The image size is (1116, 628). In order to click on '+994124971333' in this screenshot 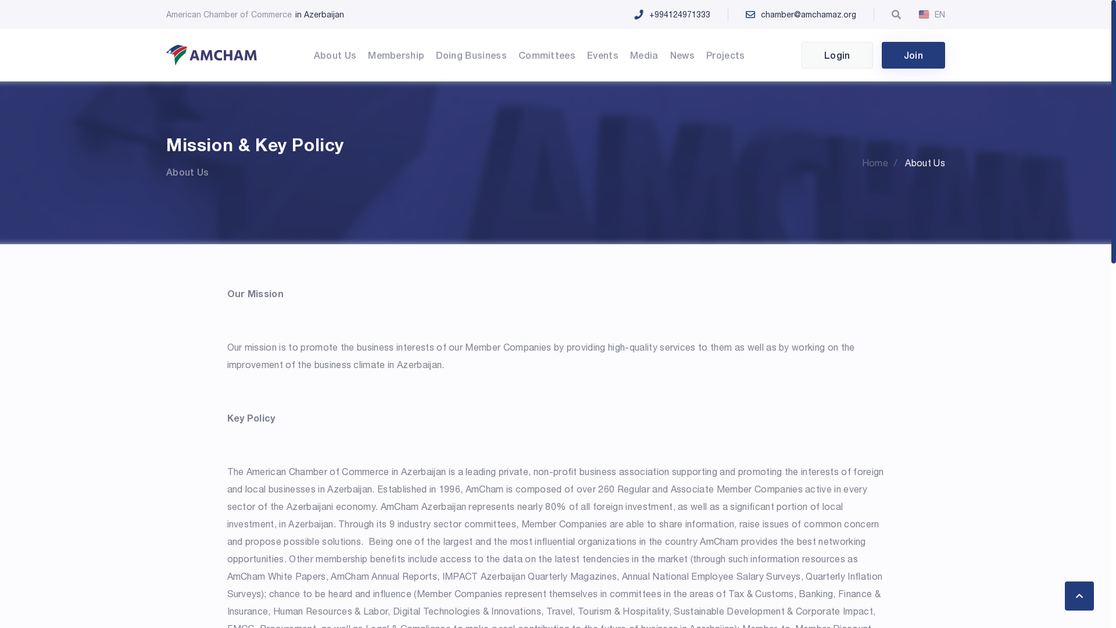, I will do `click(689, 14)`.